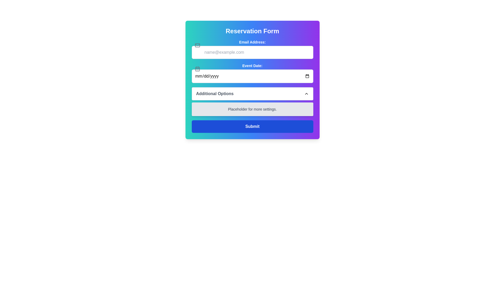  I want to click on the label that provides a title for the email input field labeled 'name@example.com', positioned above it, so click(252, 42).